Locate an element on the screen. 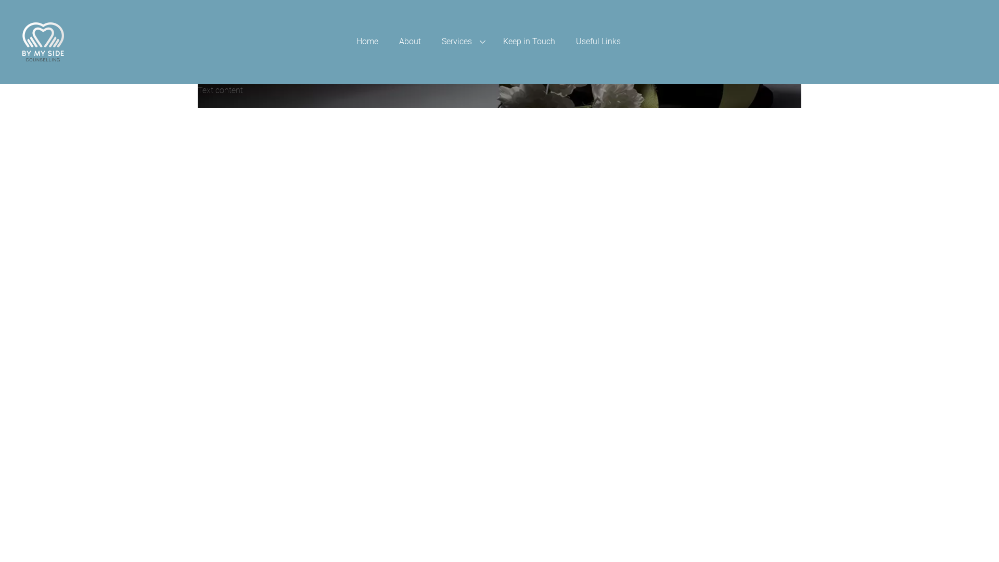  'Services' is located at coordinates (462, 41).